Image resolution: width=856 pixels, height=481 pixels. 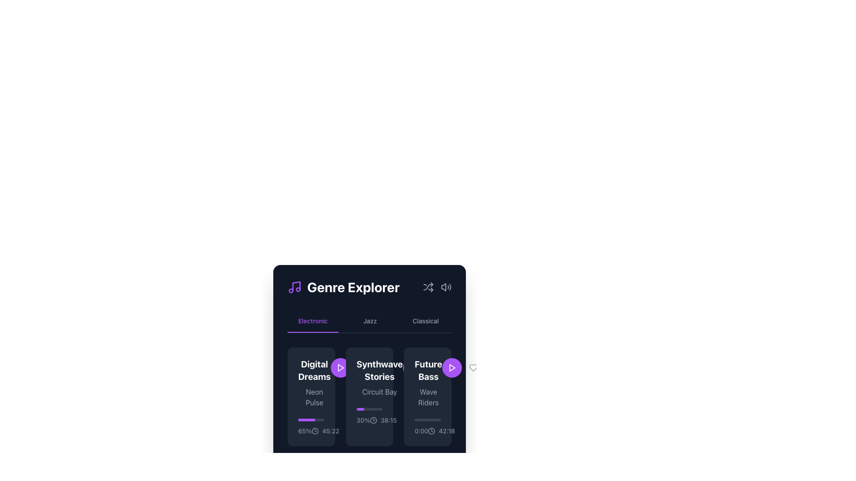 I want to click on the navigation button labeled 'Jazz', so click(x=370, y=321).